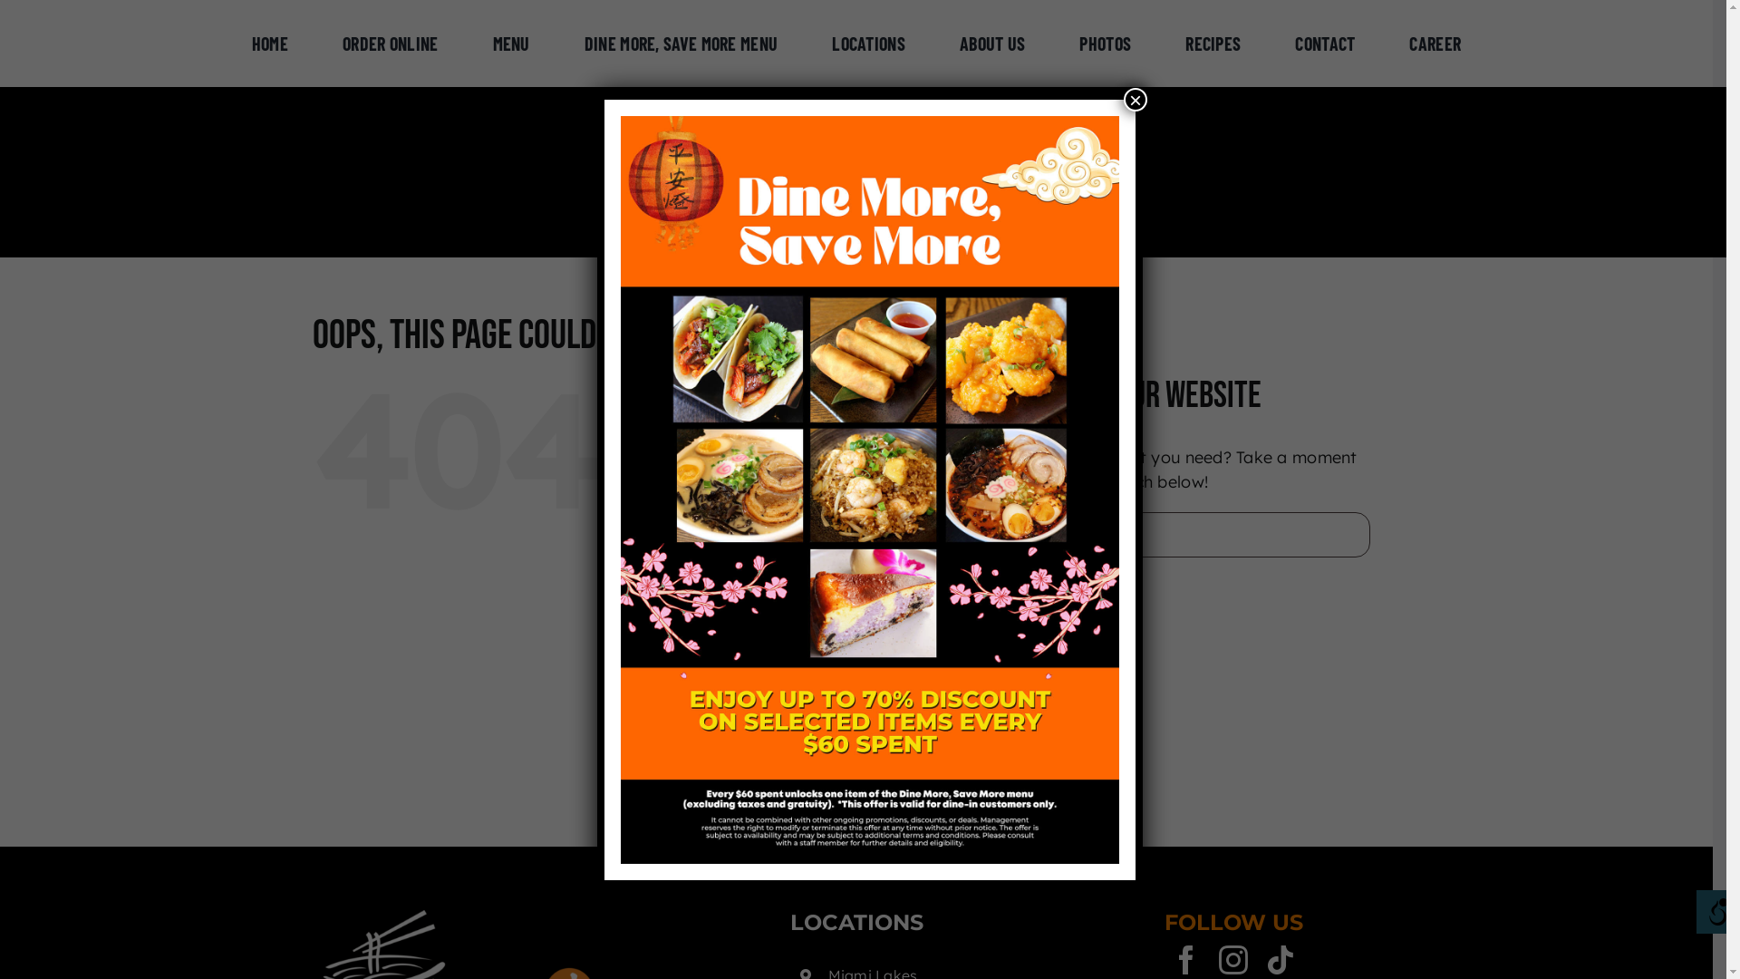 The width and height of the screenshot is (1740, 979). What do you see at coordinates (1104, 42) in the screenshot?
I see `'PHOTOS'` at bounding box center [1104, 42].